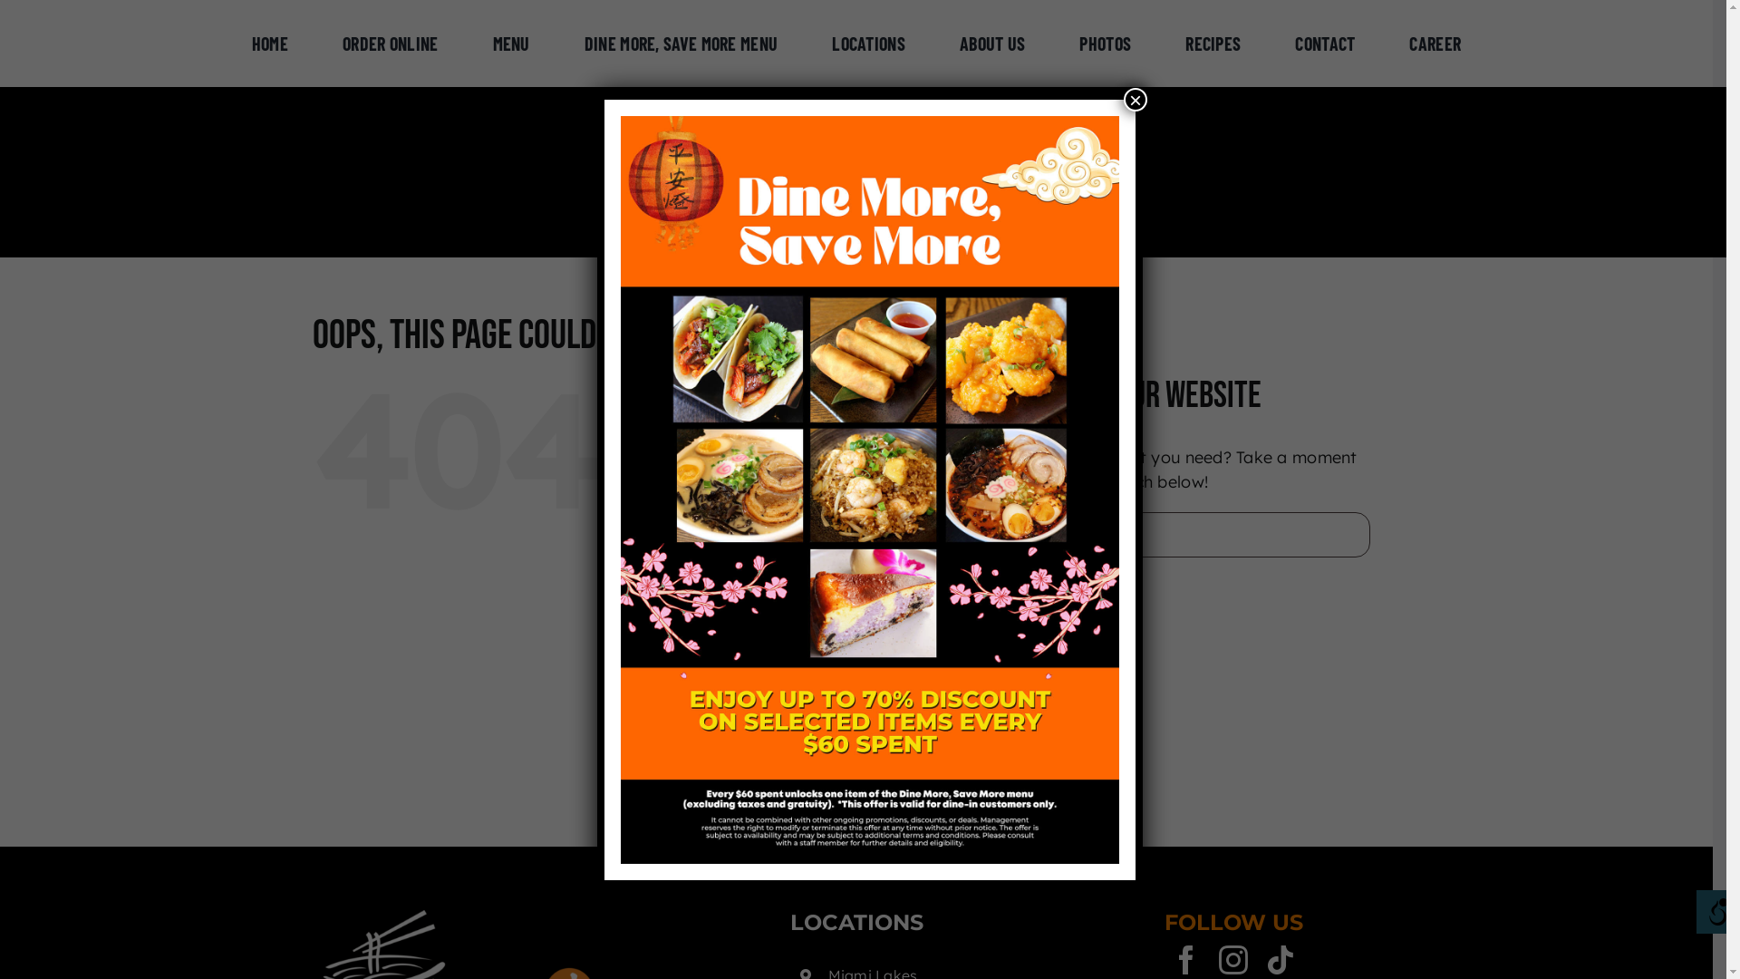 The width and height of the screenshot is (1740, 979). What do you see at coordinates (1104, 42) in the screenshot?
I see `'PHOTOS'` at bounding box center [1104, 42].